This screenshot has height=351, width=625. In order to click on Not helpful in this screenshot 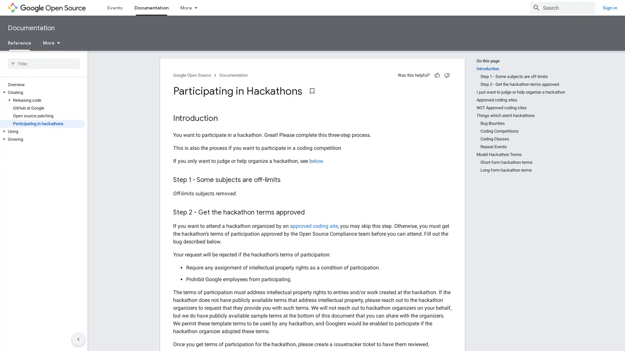, I will do `click(446, 75)`.